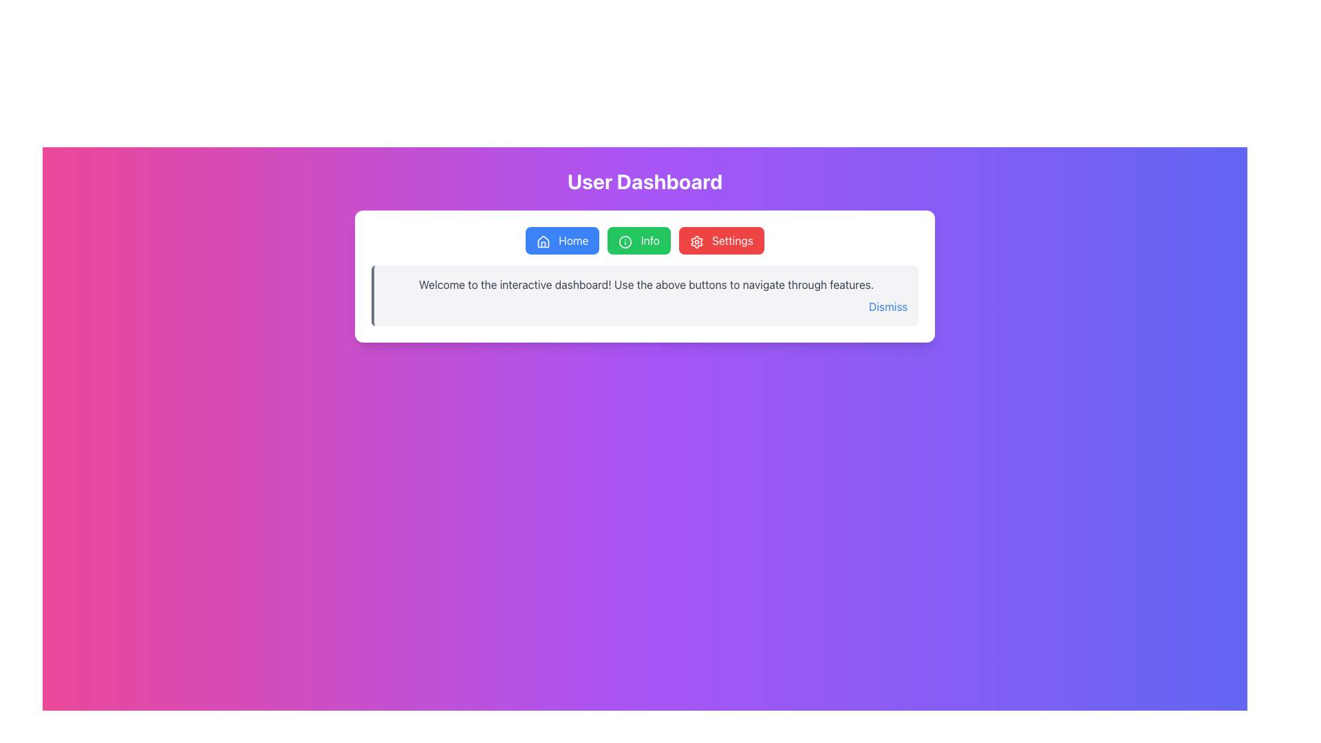 Image resolution: width=1321 pixels, height=743 pixels. What do you see at coordinates (696, 241) in the screenshot?
I see `the Settings icon located centrally inside the red button labeled 'Settings'` at bounding box center [696, 241].